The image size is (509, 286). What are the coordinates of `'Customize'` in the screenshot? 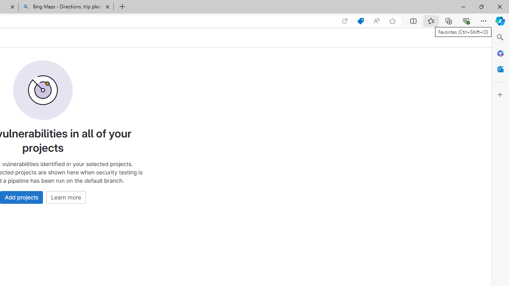 It's located at (500, 95).